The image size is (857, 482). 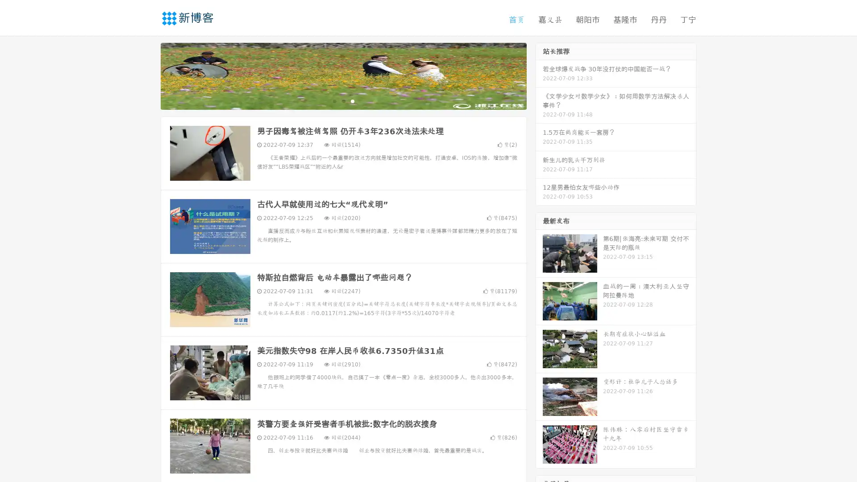 I want to click on Go to slide 3, so click(x=352, y=100).